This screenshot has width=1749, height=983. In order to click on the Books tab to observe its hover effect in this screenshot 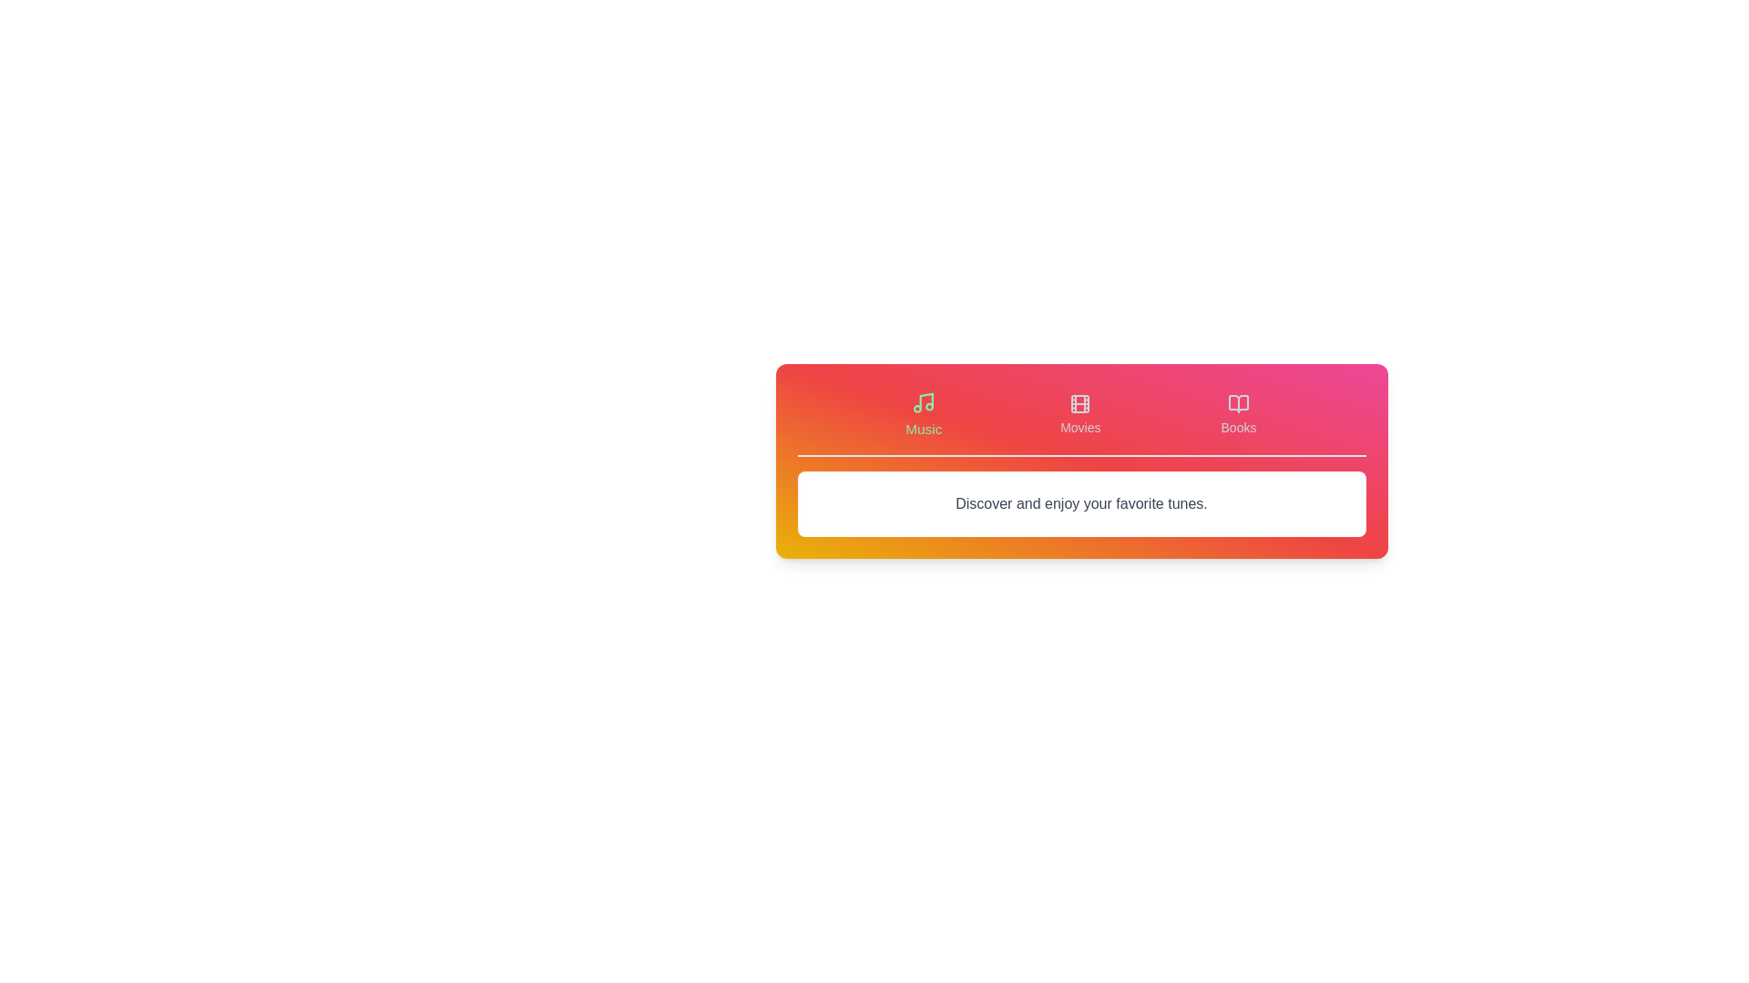, I will do `click(1238, 414)`.